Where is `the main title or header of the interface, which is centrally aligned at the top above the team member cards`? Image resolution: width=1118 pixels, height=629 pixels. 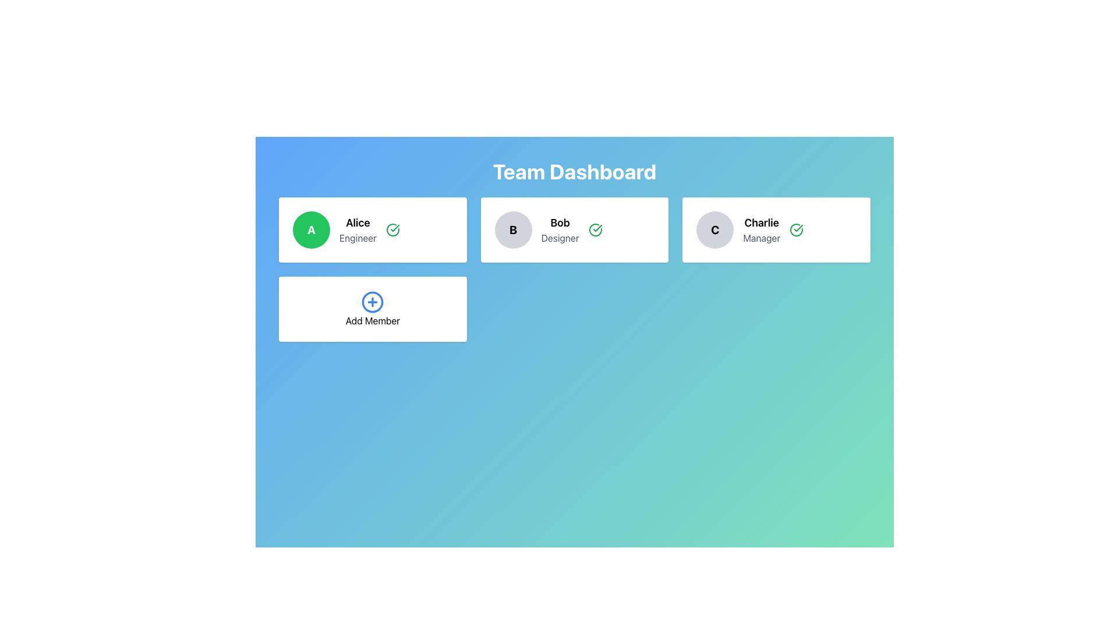 the main title or header of the interface, which is centrally aligned at the top above the team member cards is located at coordinates (575, 171).